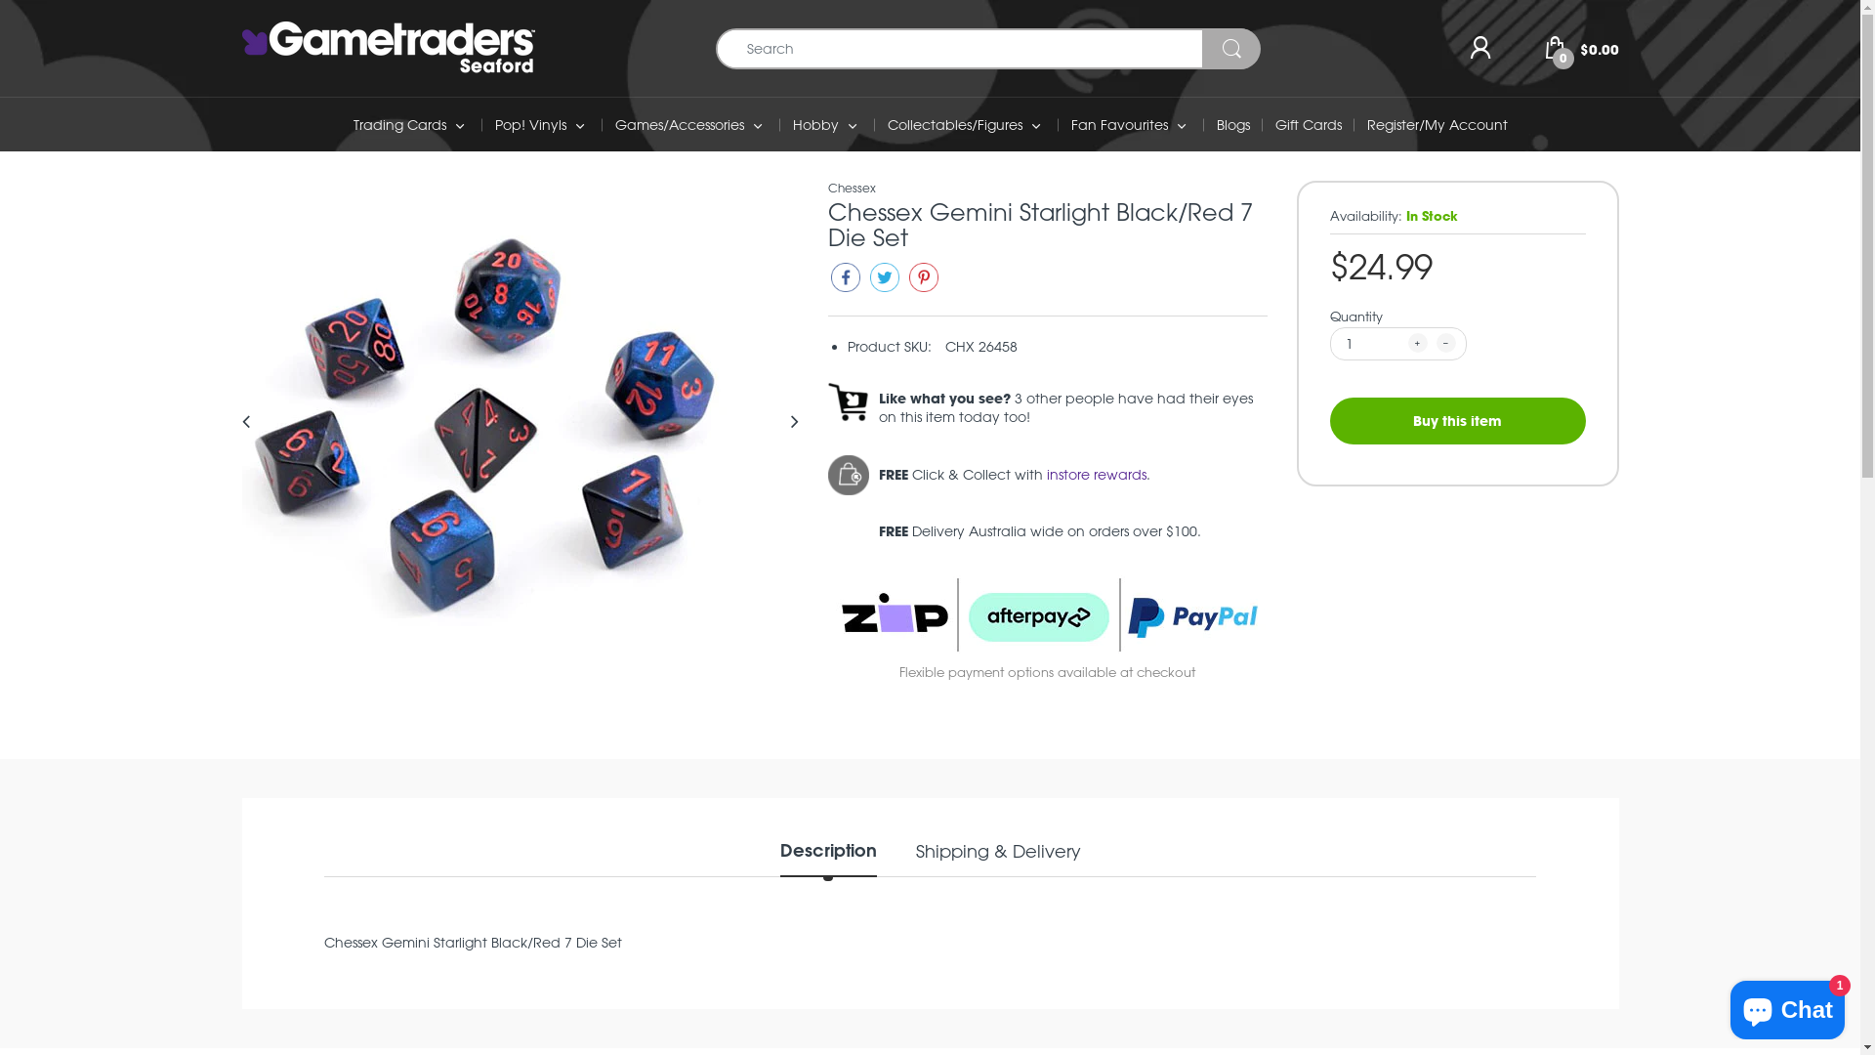 The width and height of the screenshot is (1875, 1055). I want to click on 'Decrease', so click(1444, 341).